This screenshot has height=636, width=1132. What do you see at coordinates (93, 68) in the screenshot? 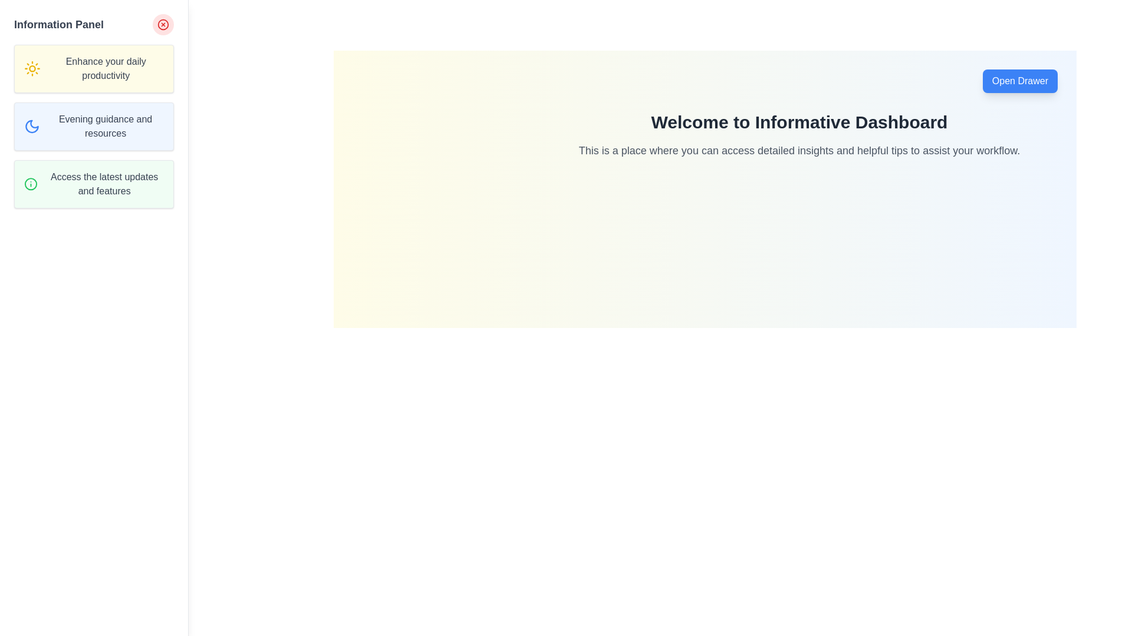
I see `text inside the first informational card in the Information Panel, which contains the dark gray text 'Enhance your daily productivity'` at bounding box center [93, 68].